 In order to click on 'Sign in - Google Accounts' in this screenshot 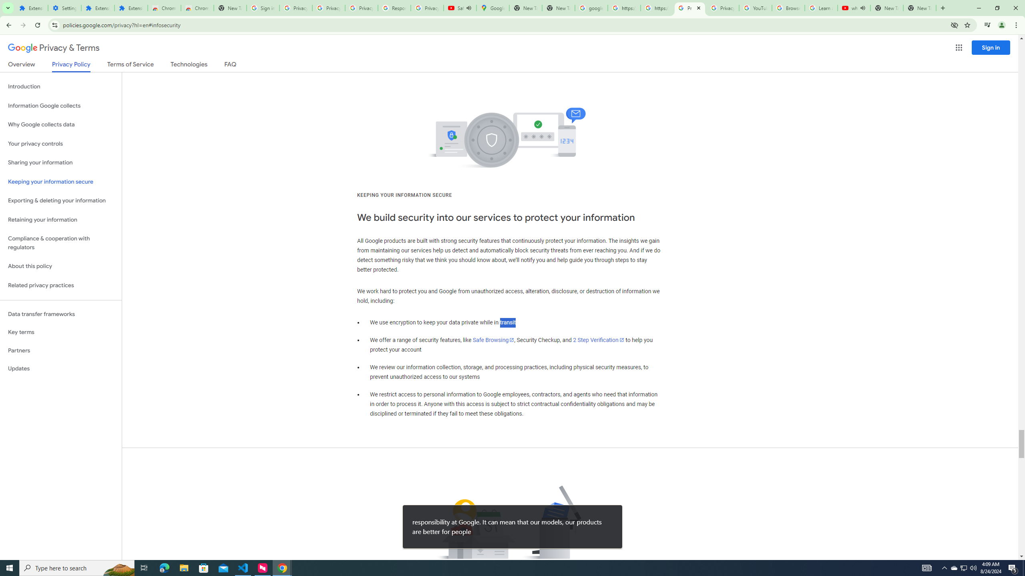, I will do `click(263, 8)`.